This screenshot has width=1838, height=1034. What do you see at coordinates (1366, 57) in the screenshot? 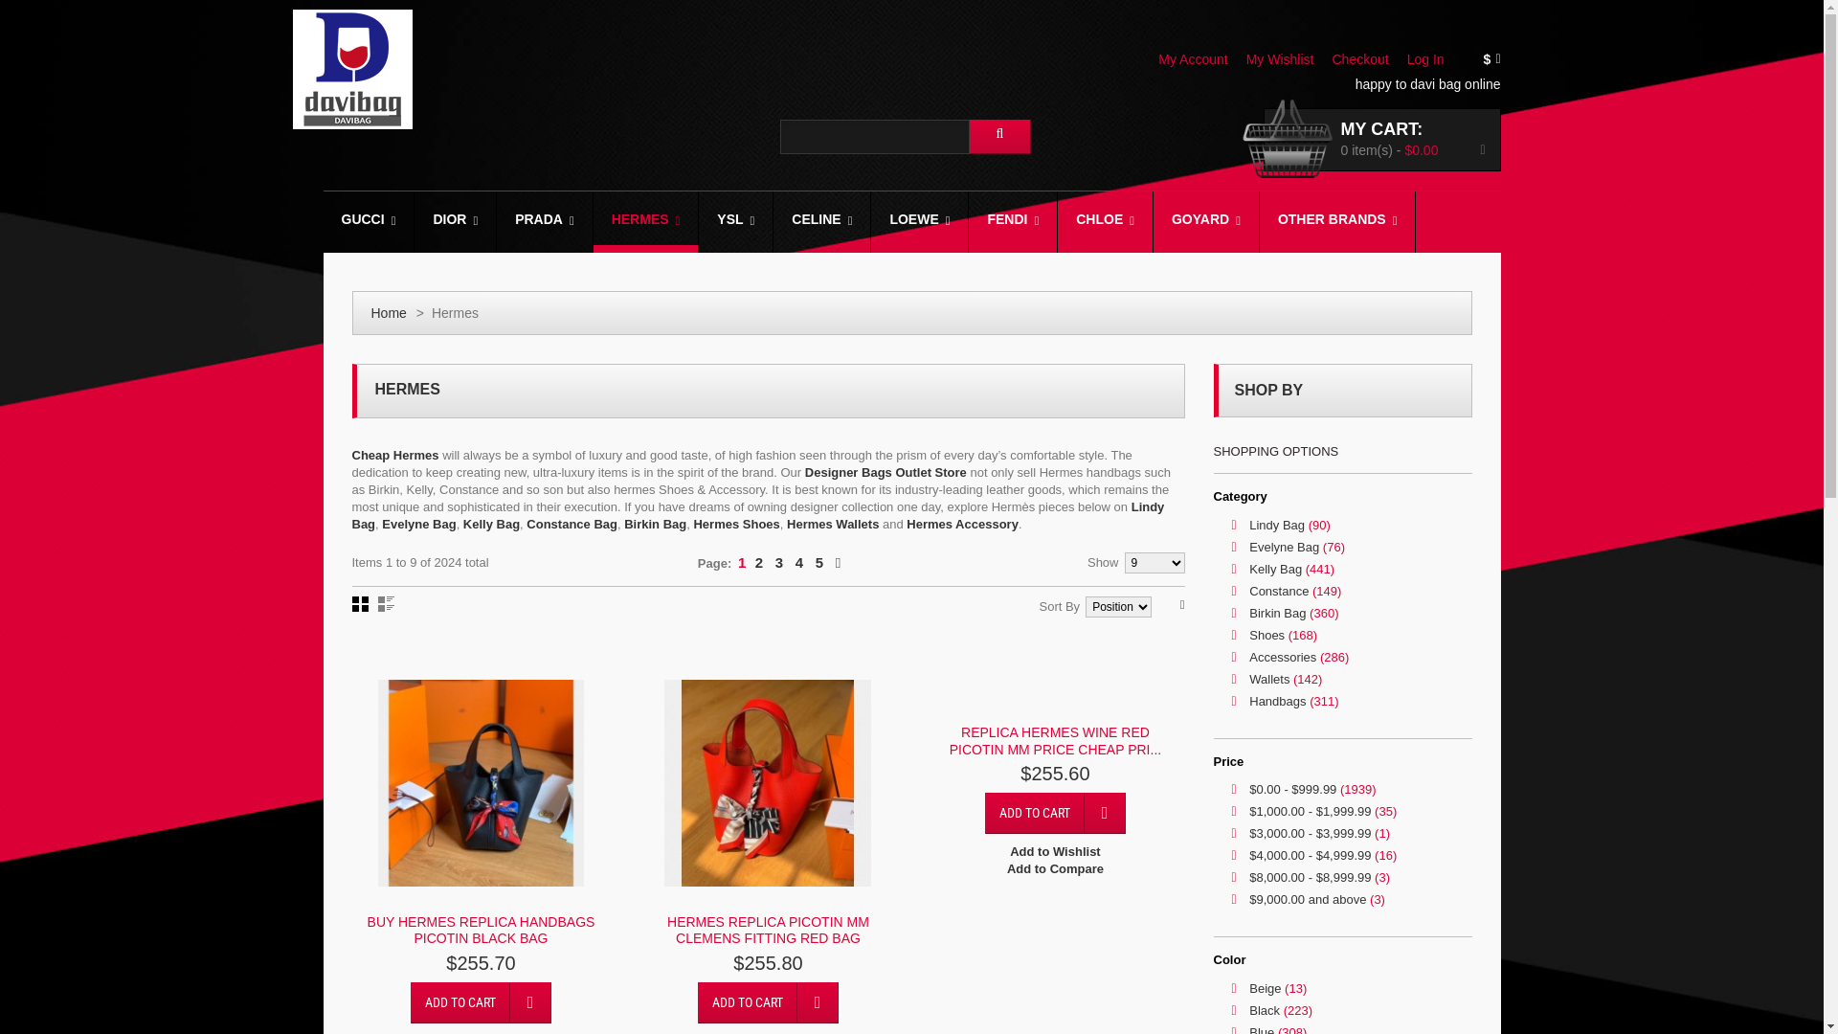
I see `'Checkout'` at bounding box center [1366, 57].